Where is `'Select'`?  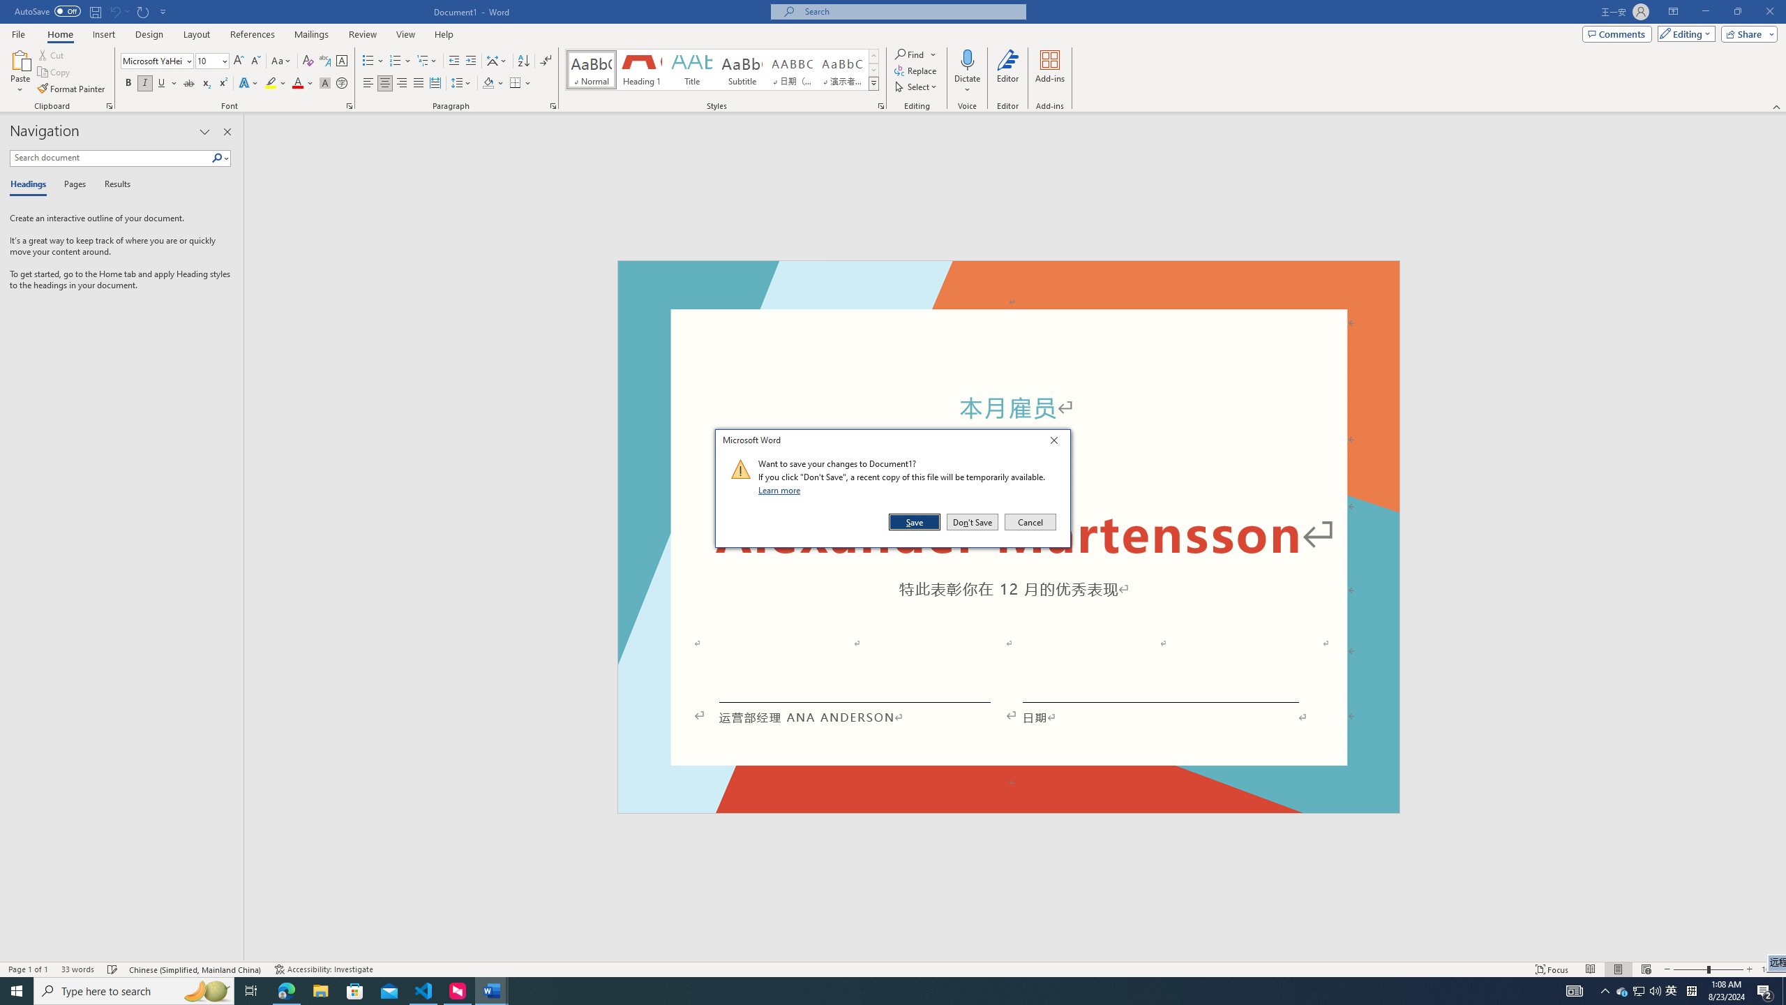 'Select' is located at coordinates (916, 85).